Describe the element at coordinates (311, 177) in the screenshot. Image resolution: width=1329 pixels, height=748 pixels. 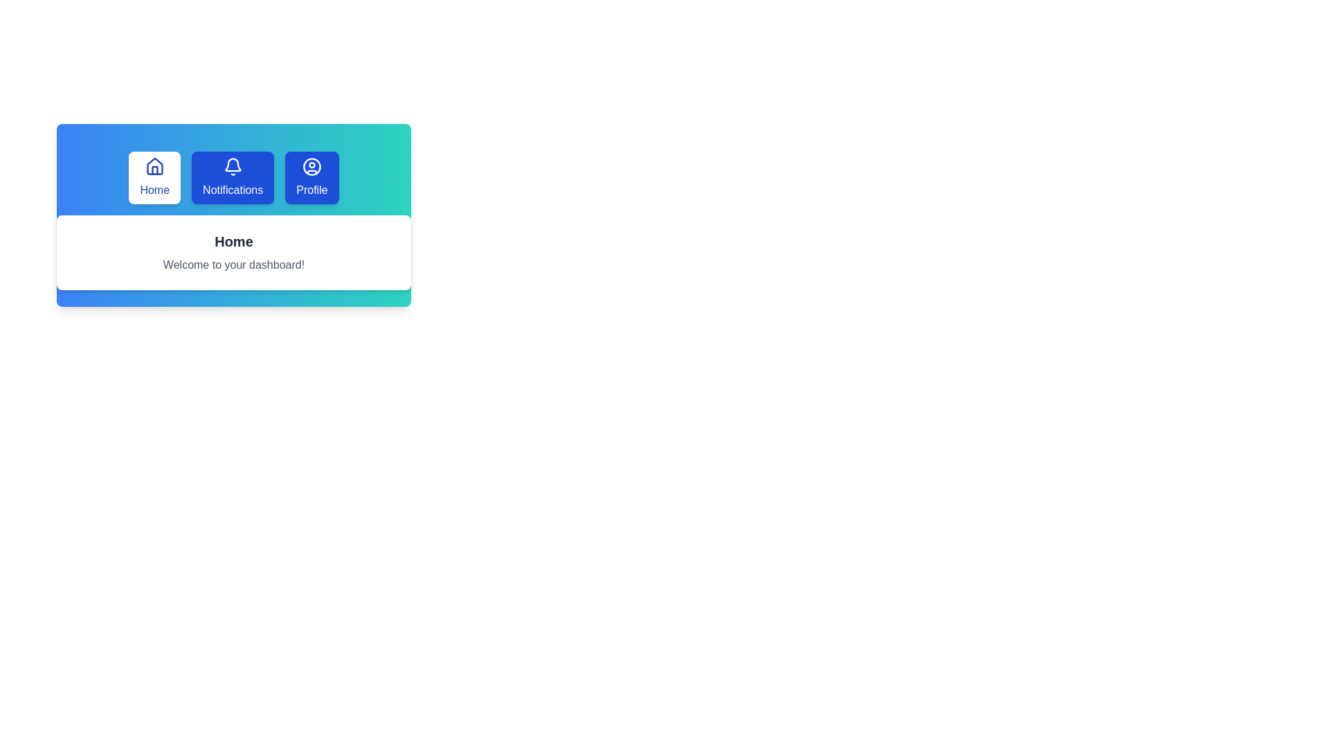
I see `the Profile tab button to observe its hover effect` at that location.